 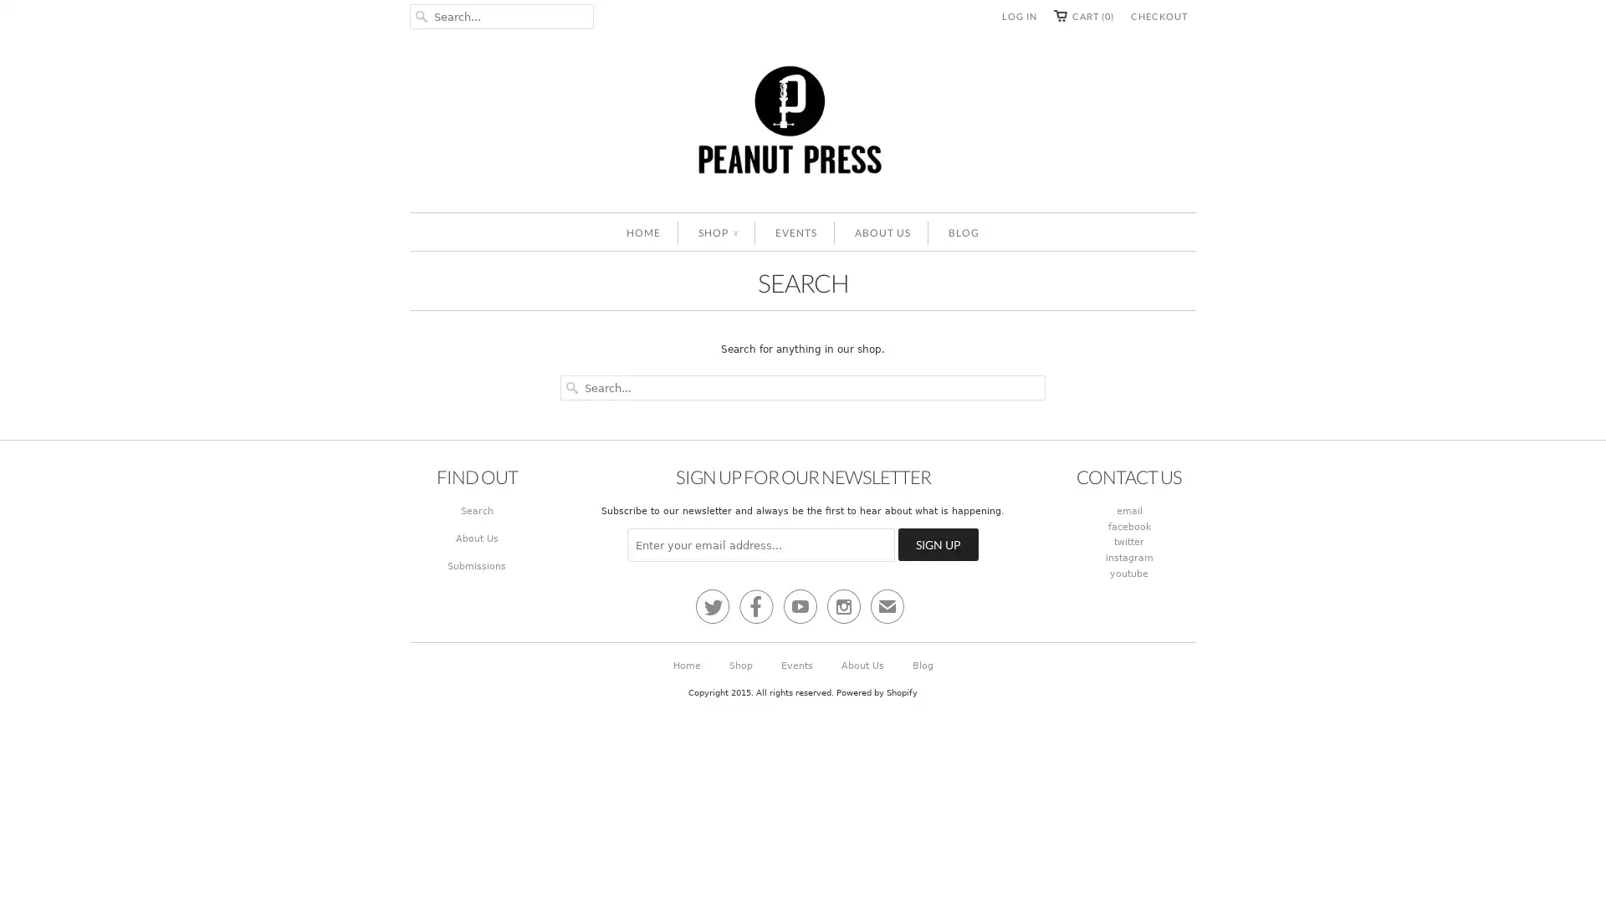 I want to click on Sign Up, so click(x=939, y=543).